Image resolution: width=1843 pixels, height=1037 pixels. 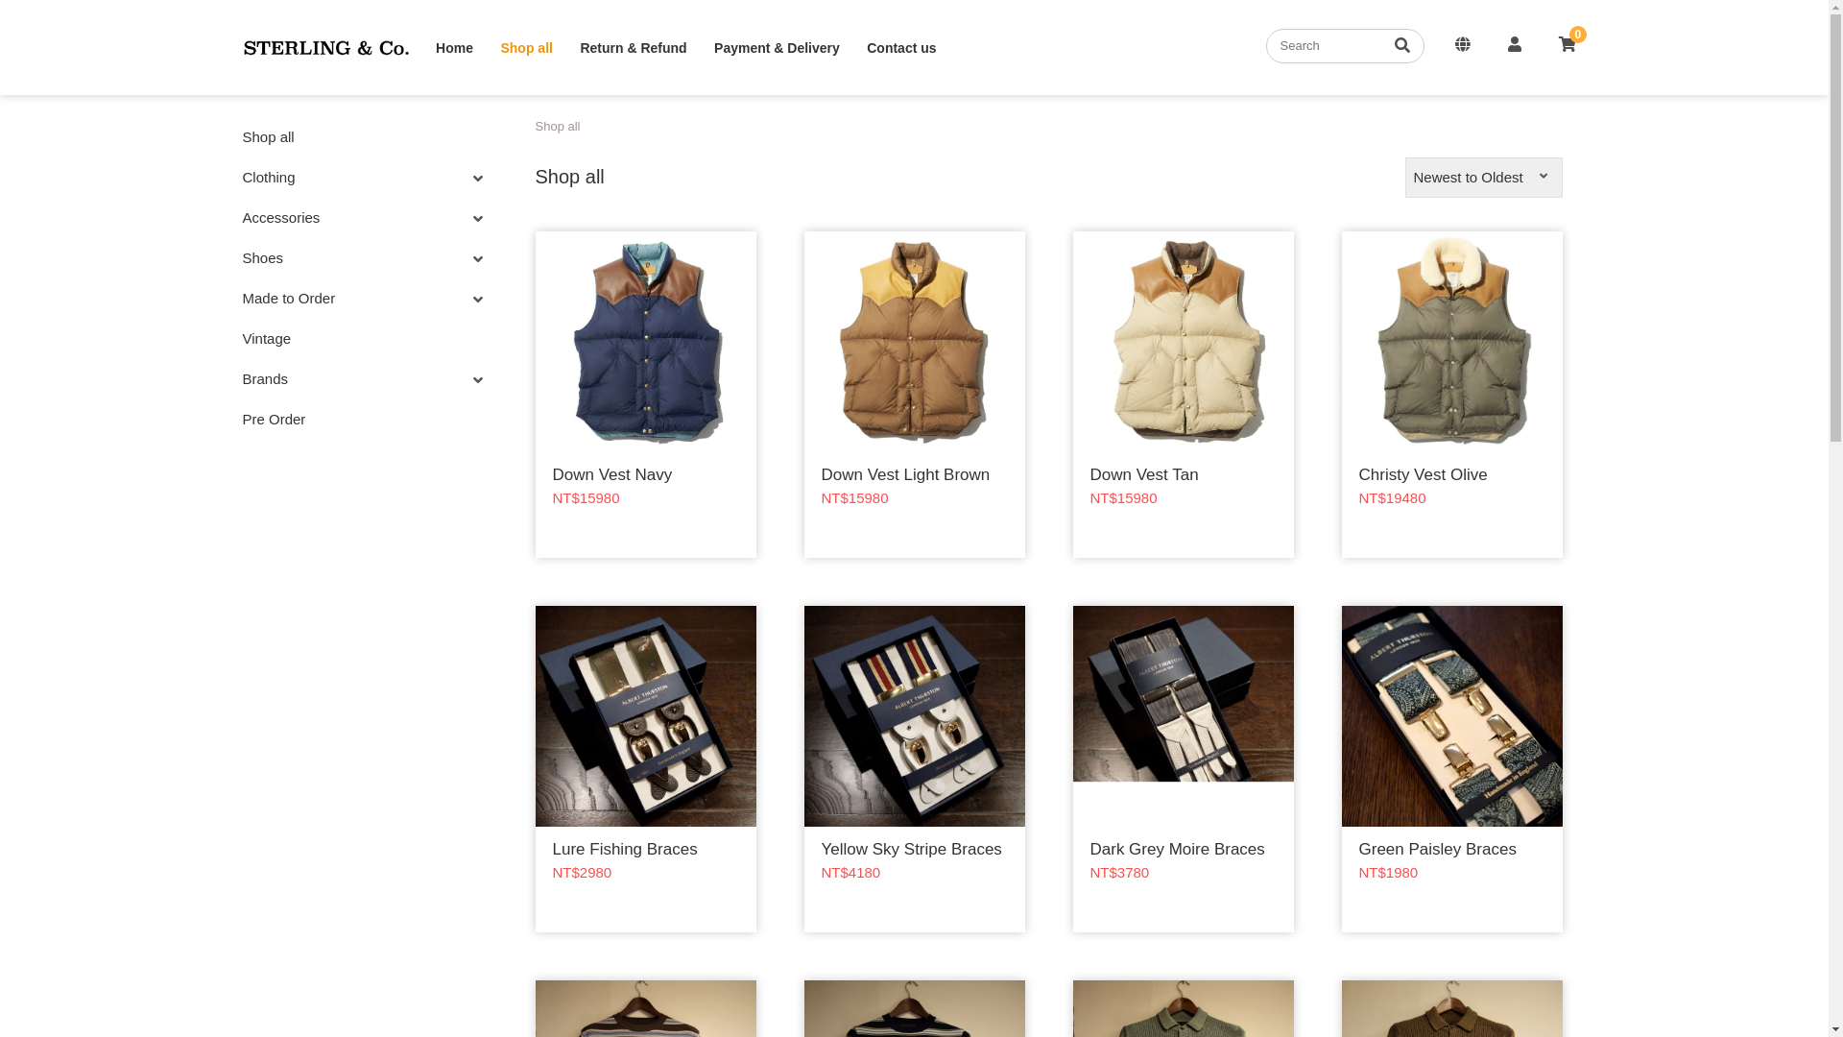 What do you see at coordinates (1567, 43) in the screenshot?
I see `'0'` at bounding box center [1567, 43].